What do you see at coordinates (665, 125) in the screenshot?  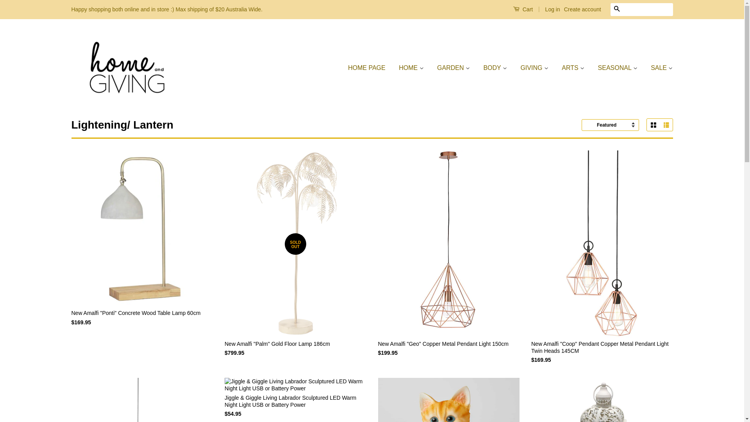 I see `'List View'` at bounding box center [665, 125].